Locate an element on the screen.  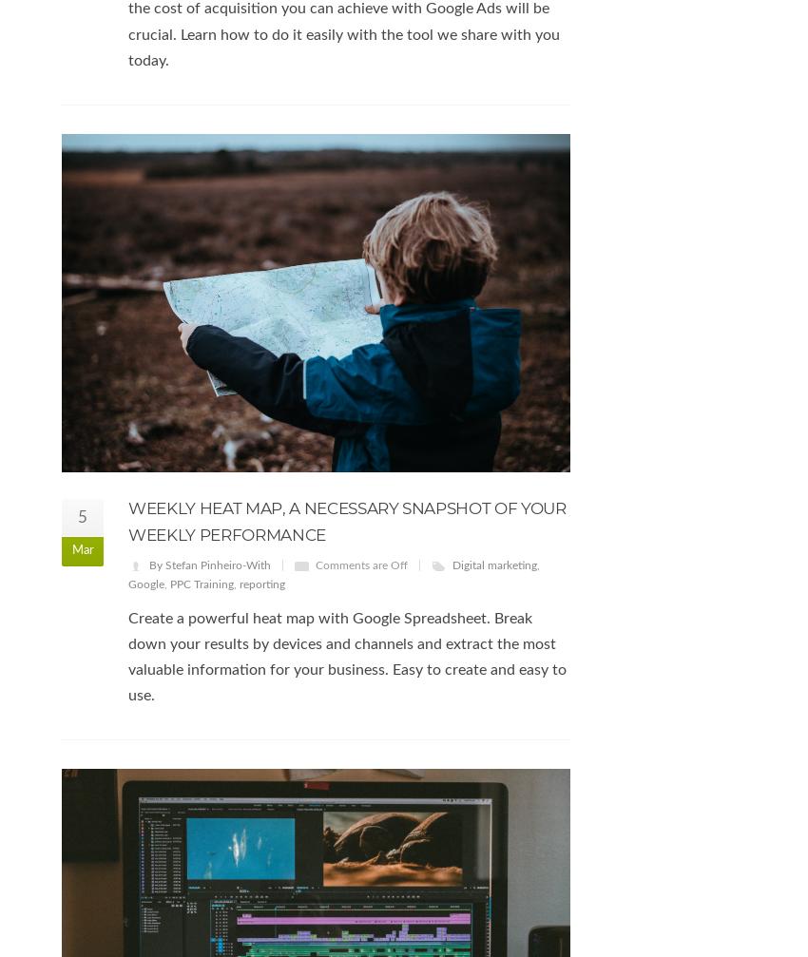
'5' is located at coordinates (82, 515).